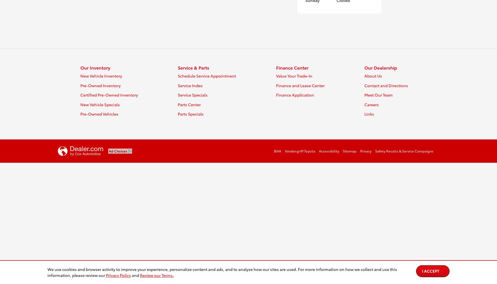 The image size is (497, 284). What do you see at coordinates (177, 67) in the screenshot?
I see `'Service & Parts'` at bounding box center [177, 67].